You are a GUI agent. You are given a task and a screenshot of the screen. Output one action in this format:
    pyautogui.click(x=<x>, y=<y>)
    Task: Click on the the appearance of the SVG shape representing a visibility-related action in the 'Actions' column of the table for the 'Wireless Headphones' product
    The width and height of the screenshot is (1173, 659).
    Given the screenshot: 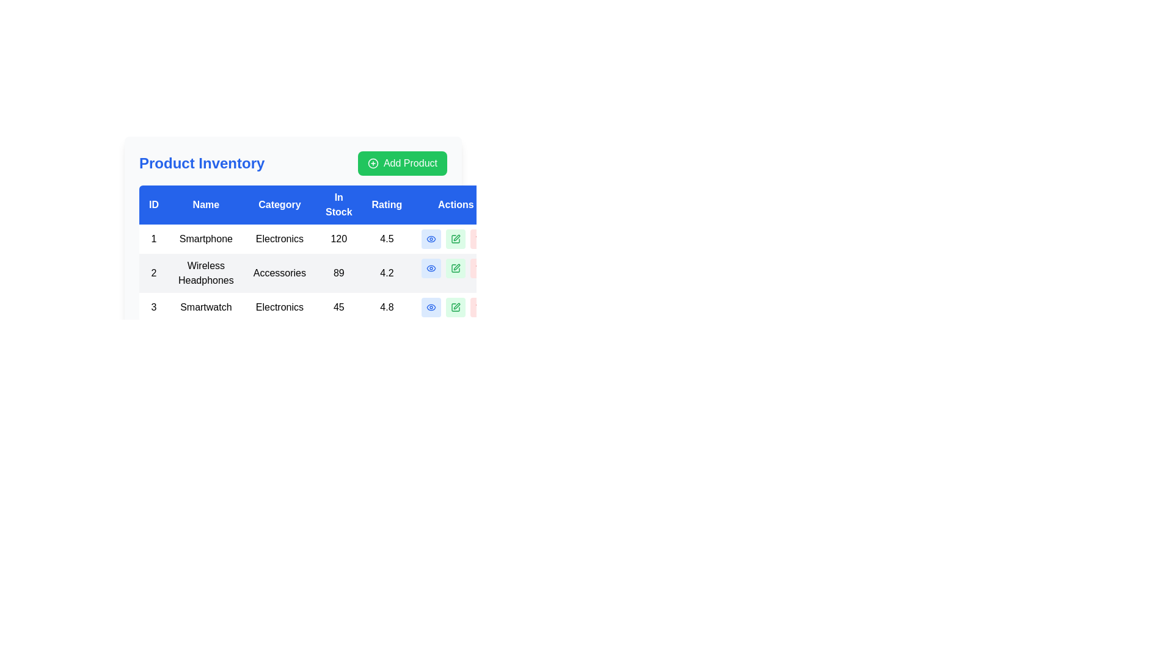 What is the action you would take?
    pyautogui.click(x=431, y=267)
    